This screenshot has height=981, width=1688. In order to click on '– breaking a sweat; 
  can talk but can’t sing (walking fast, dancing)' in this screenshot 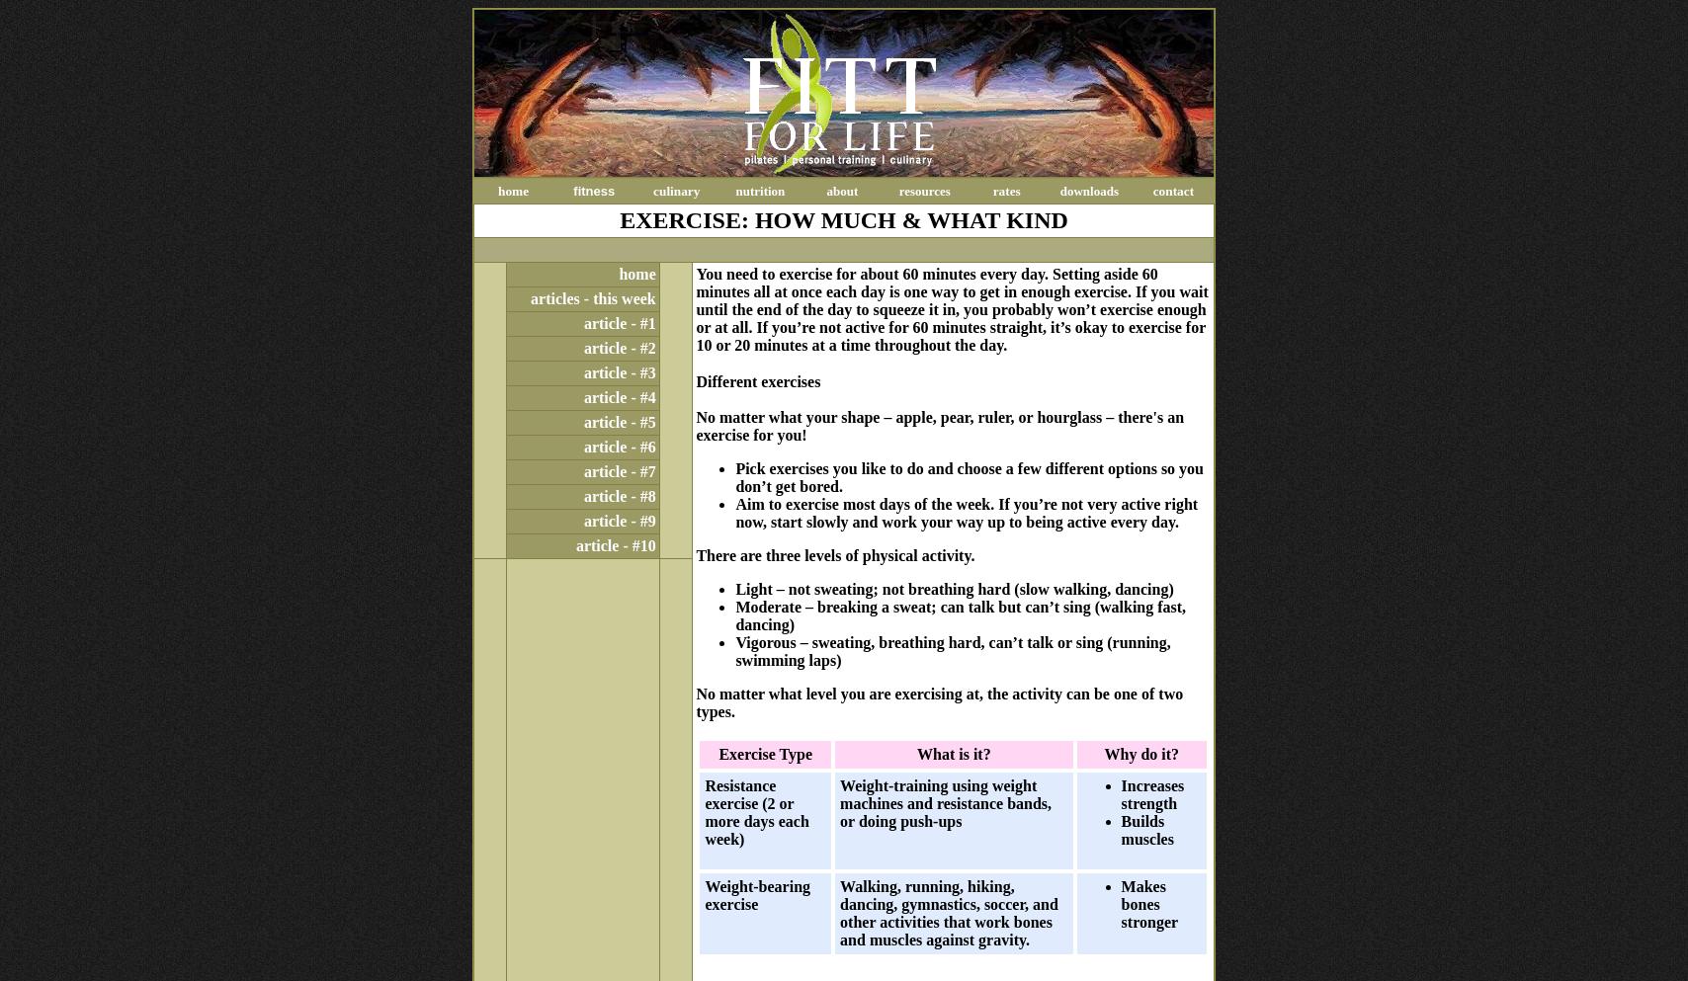, I will do `click(960, 614)`.